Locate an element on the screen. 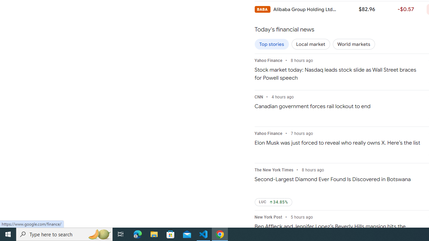  'LUC Up by 34.85%' is located at coordinates (273, 202).